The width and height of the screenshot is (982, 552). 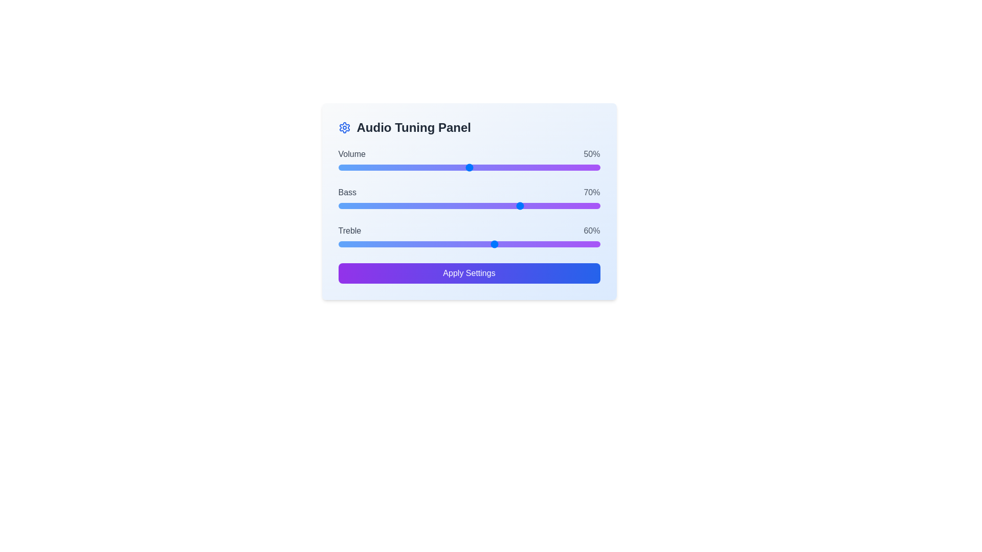 What do you see at coordinates (359, 205) in the screenshot?
I see `the bass level` at bounding box center [359, 205].